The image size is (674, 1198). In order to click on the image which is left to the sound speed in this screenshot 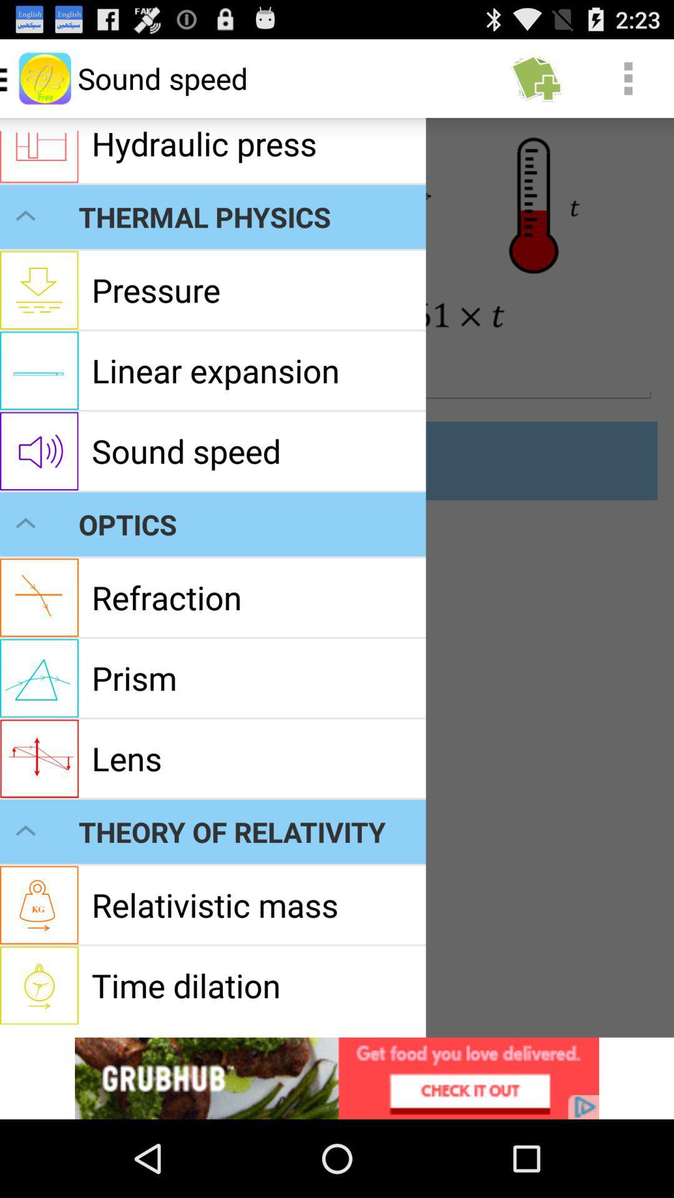, I will do `click(44, 77)`.